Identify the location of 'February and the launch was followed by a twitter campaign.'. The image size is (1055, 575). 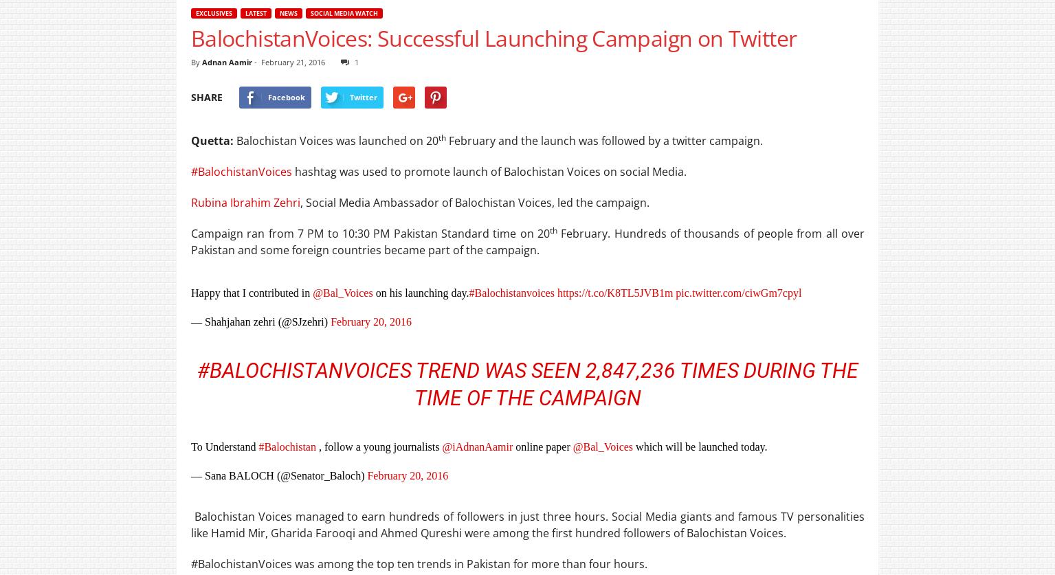
(603, 139).